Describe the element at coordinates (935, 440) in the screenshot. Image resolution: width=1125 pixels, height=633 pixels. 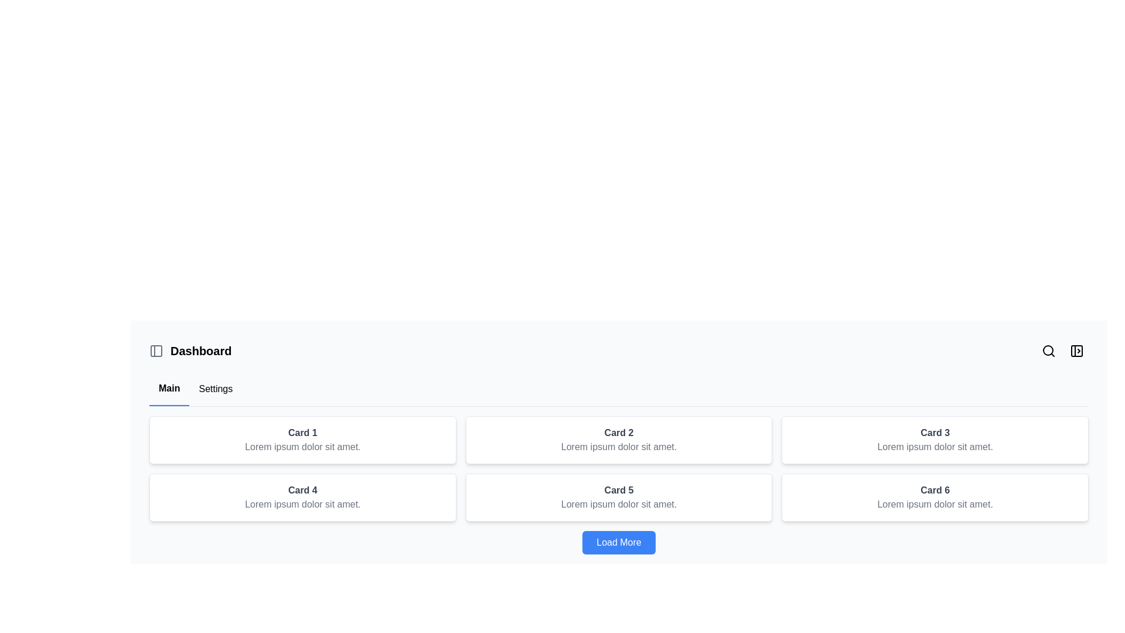
I see `text inside the card located in the top-right corner of the grid's first row` at that location.